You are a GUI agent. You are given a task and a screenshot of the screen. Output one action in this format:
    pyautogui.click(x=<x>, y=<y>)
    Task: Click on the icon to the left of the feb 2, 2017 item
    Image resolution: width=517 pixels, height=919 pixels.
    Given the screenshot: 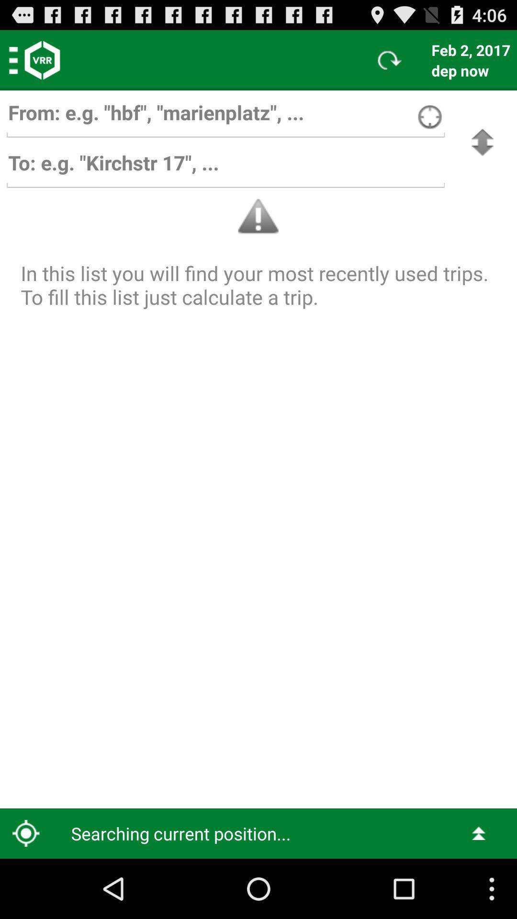 What is the action you would take?
    pyautogui.click(x=390, y=59)
    